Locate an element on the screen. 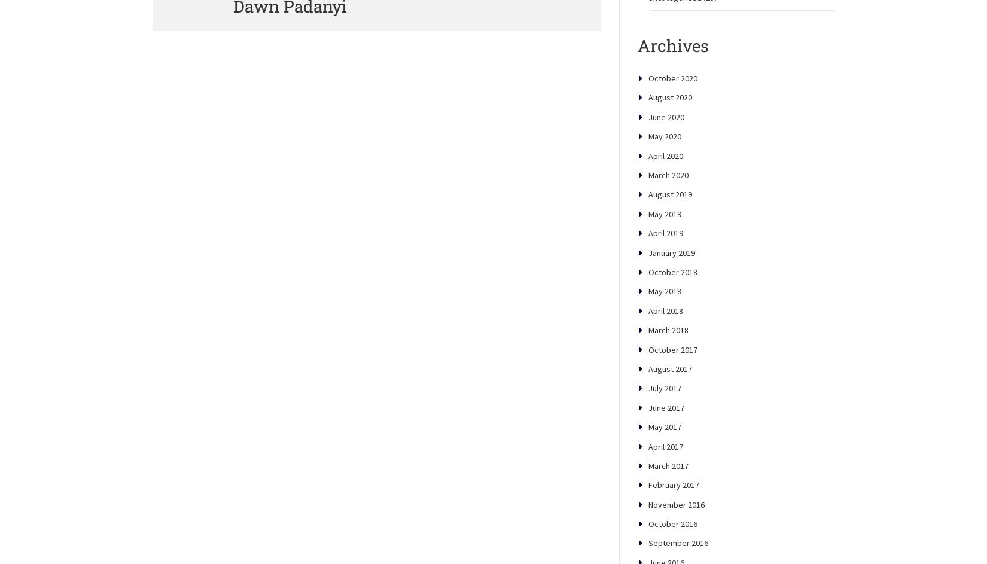 This screenshot has height=564, width=987. 'February 2017' is located at coordinates (674, 526).